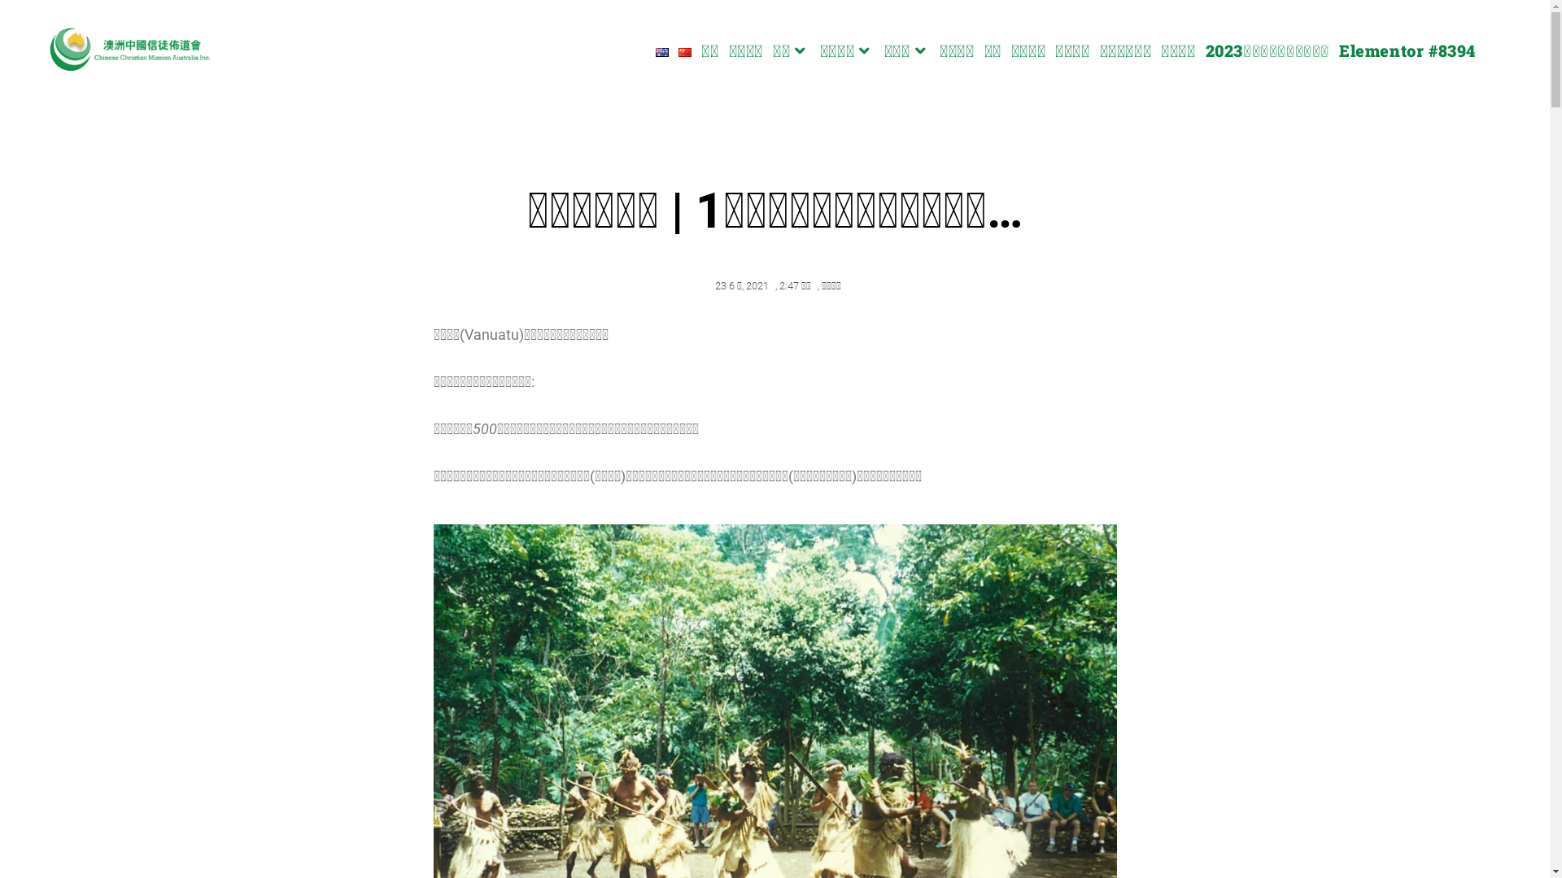 The height and width of the screenshot is (878, 1562). Describe the element at coordinates (1406, 49) in the screenshot. I see `'Elementor #8394'` at that location.